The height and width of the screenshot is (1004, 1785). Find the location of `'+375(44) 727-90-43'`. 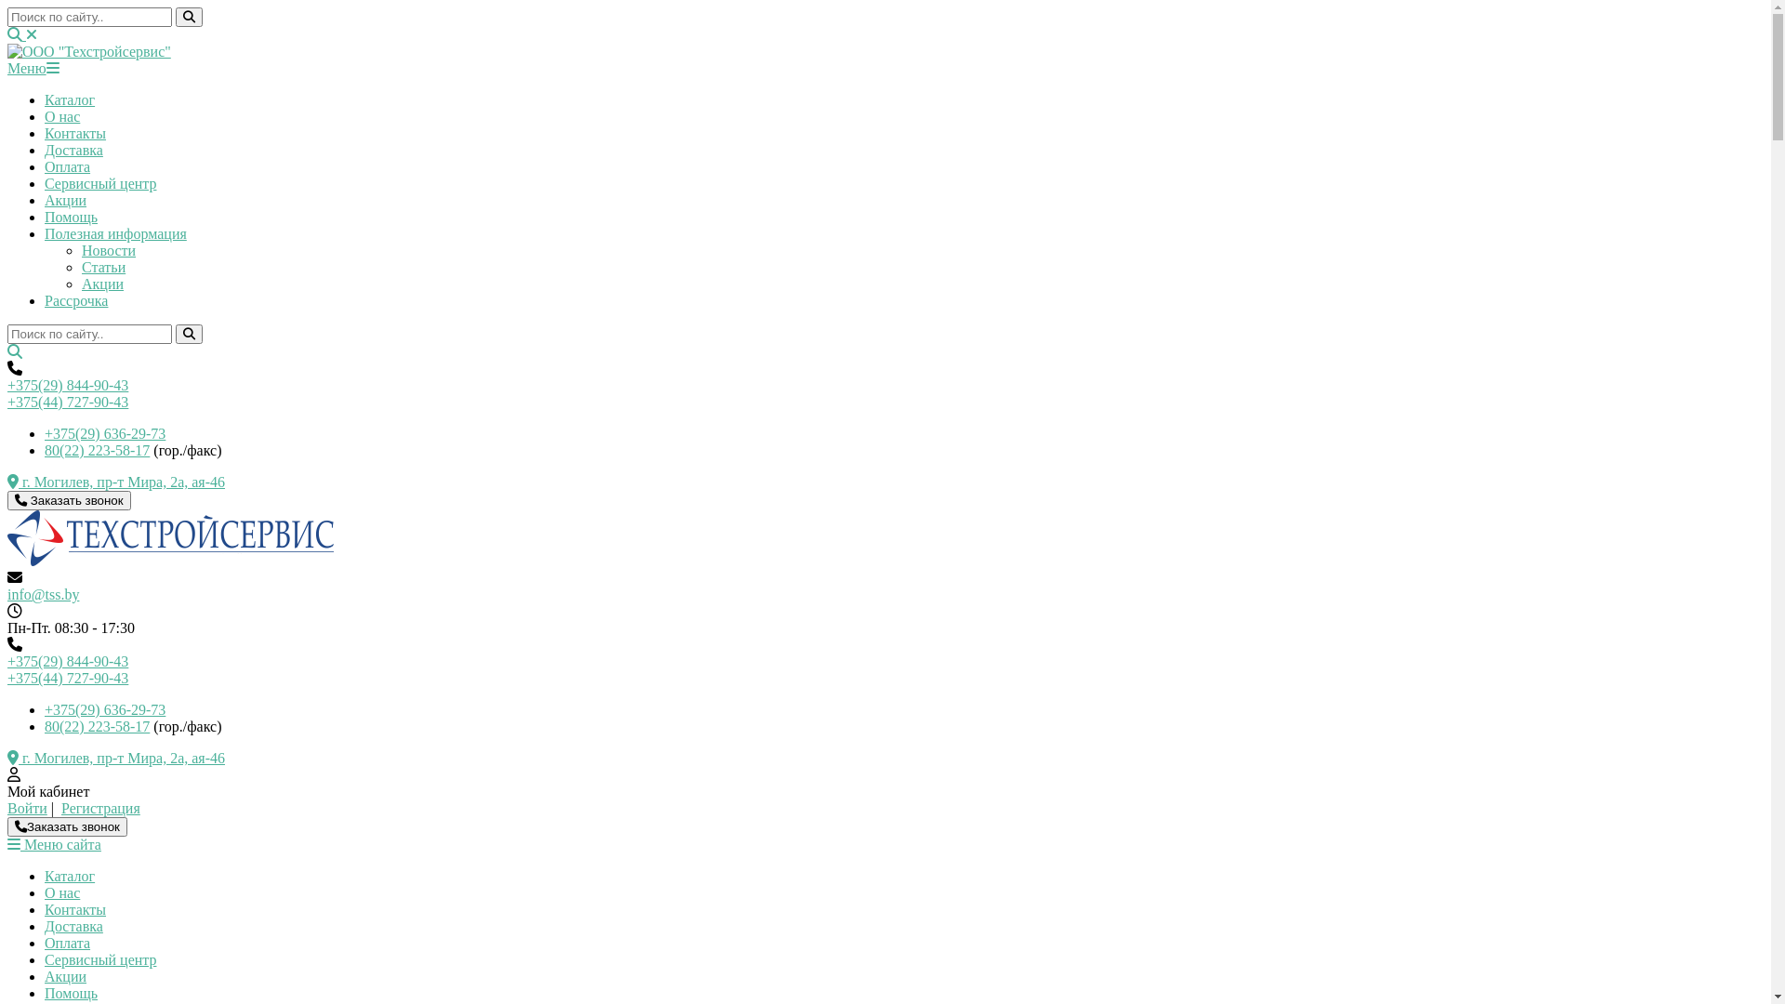

'+375(44) 727-90-43' is located at coordinates (67, 678).